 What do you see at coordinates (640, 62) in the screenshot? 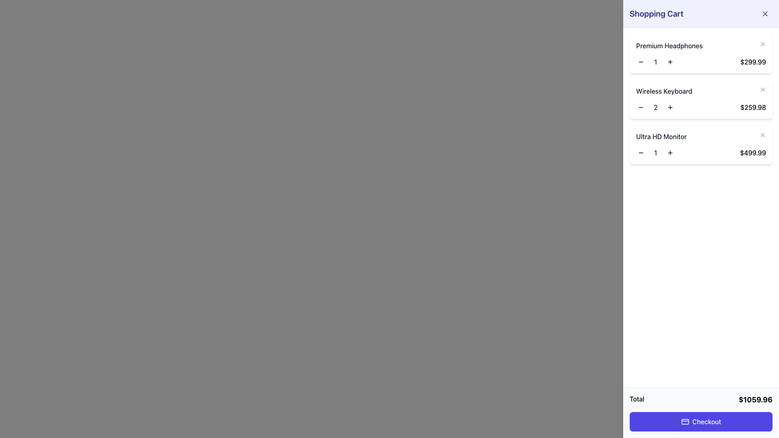
I see `the decrement button for the 'Premium Headphones' in the shopping cart` at bounding box center [640, 62].